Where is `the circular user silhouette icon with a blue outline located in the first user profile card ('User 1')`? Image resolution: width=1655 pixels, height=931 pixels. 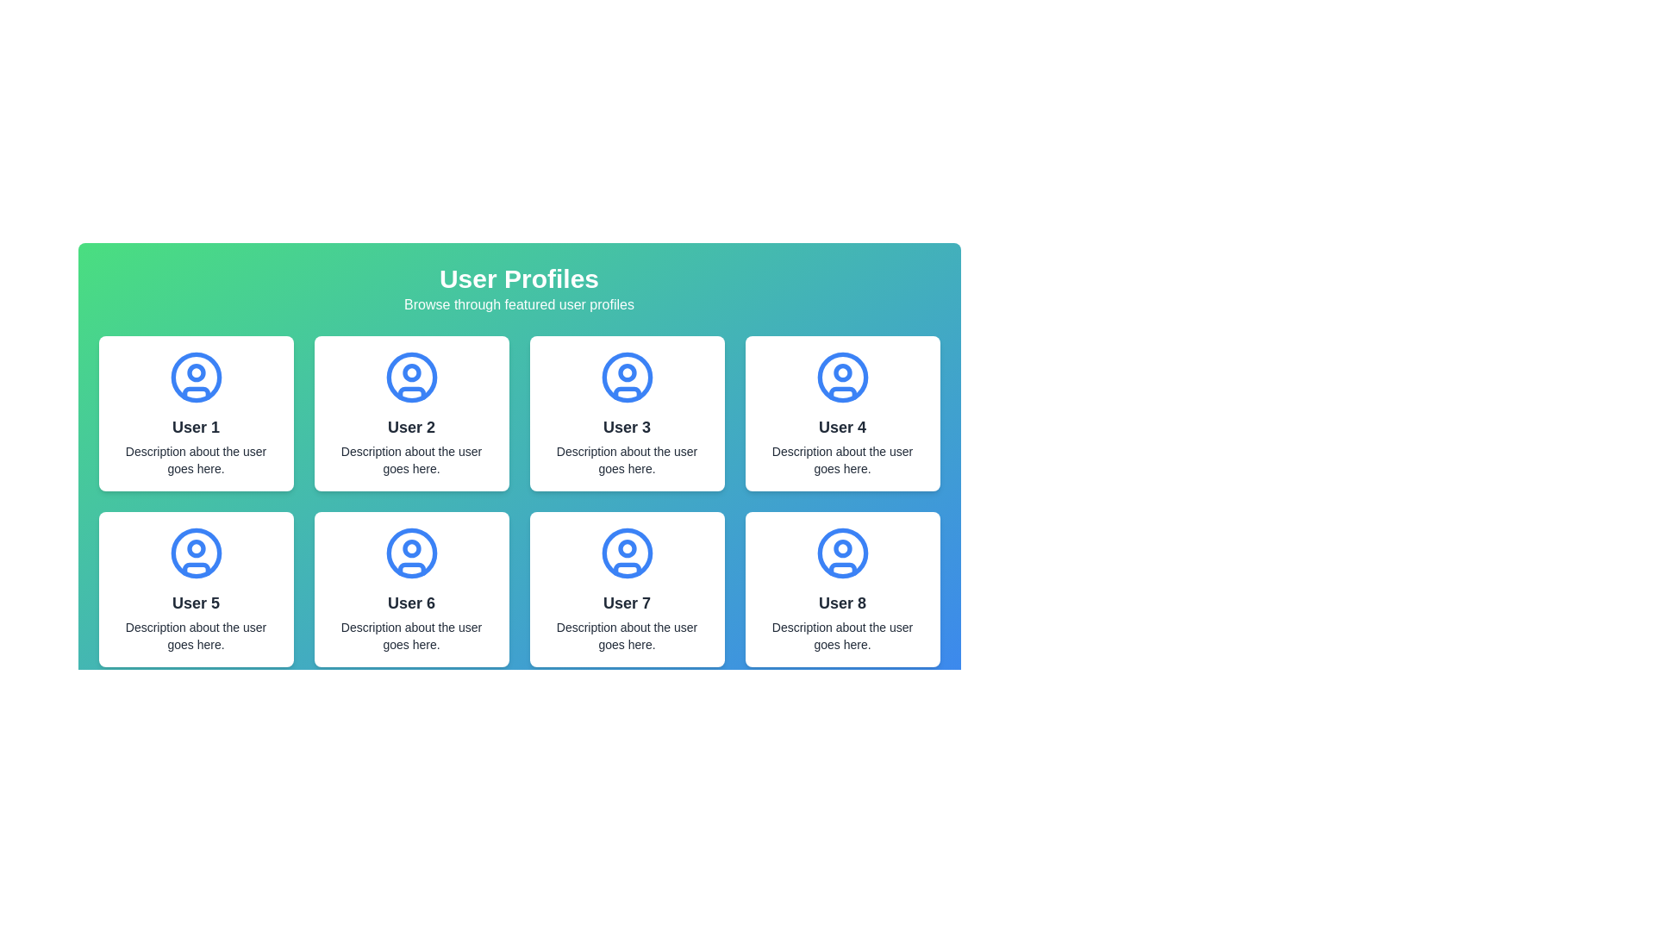 the circular user silhouette icon with a blue outline located in the first user profile card ('User 1') is located at coordinates (196, 377).